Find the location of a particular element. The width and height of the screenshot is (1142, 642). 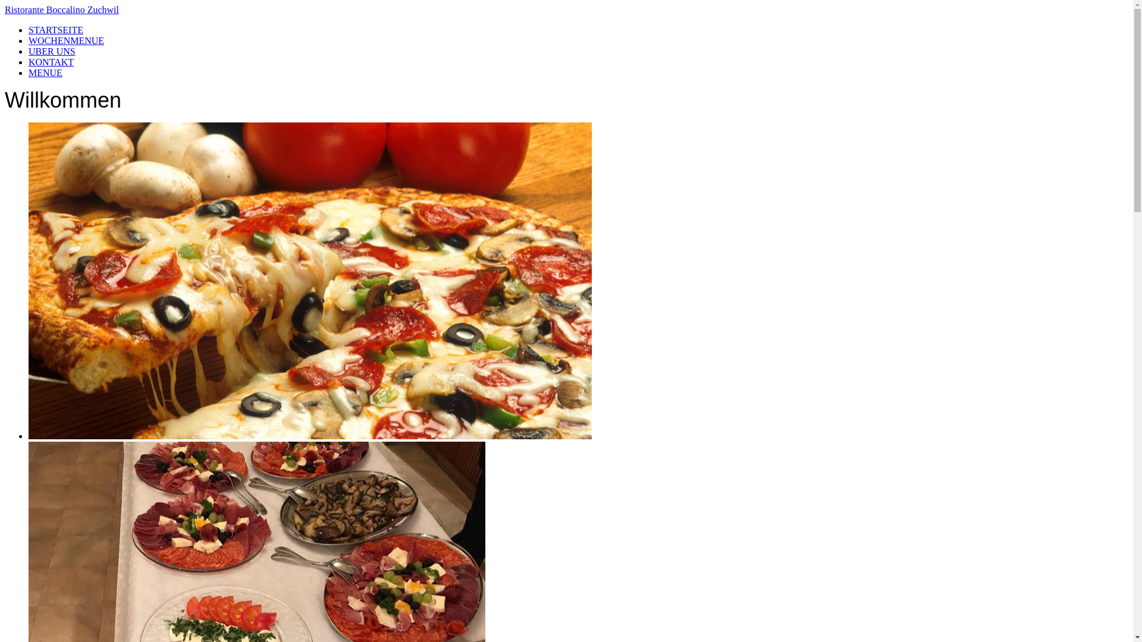

'UBER UNS' is located at coordinates (29, 51).